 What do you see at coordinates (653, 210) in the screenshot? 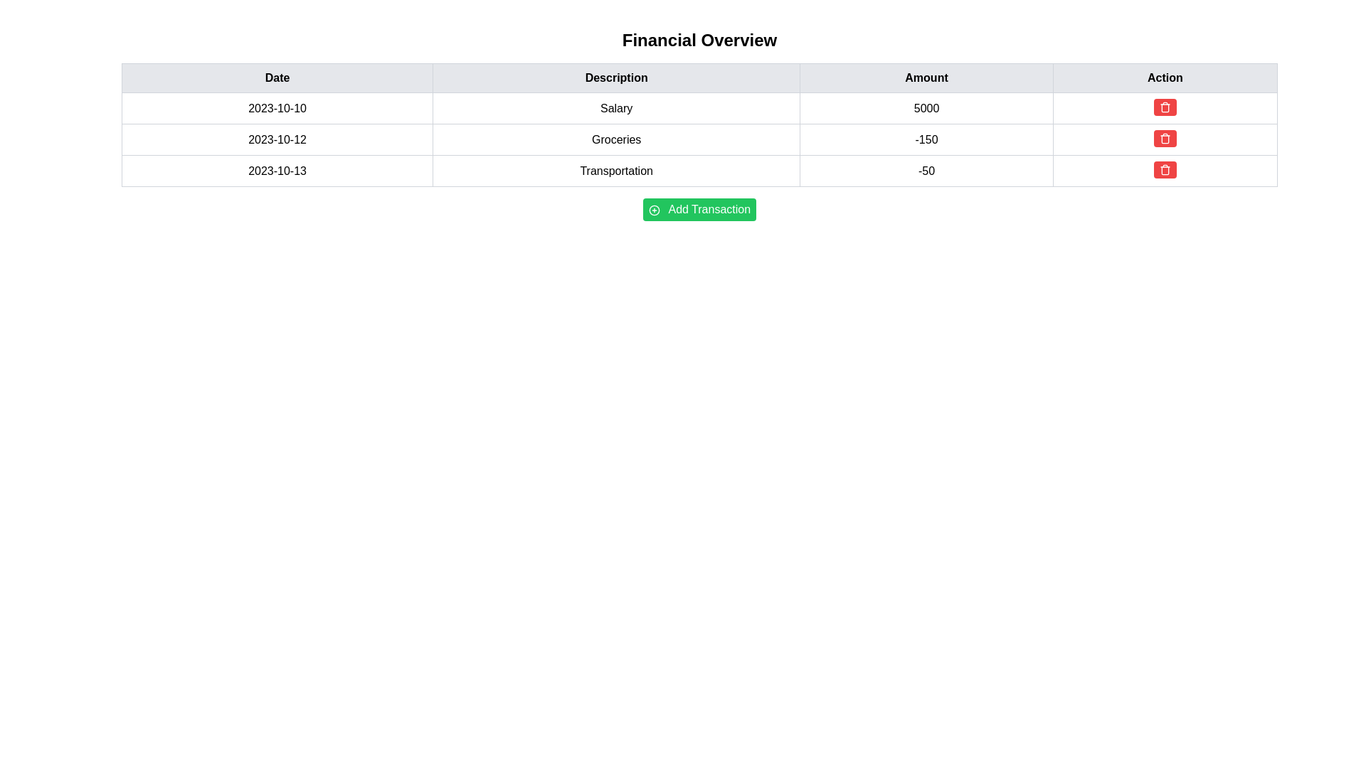
I see `the circular icon with a green background and white outline that features a plus sign, located to the left of the 'Add Transaction' button` at bounding box center [653, 210].